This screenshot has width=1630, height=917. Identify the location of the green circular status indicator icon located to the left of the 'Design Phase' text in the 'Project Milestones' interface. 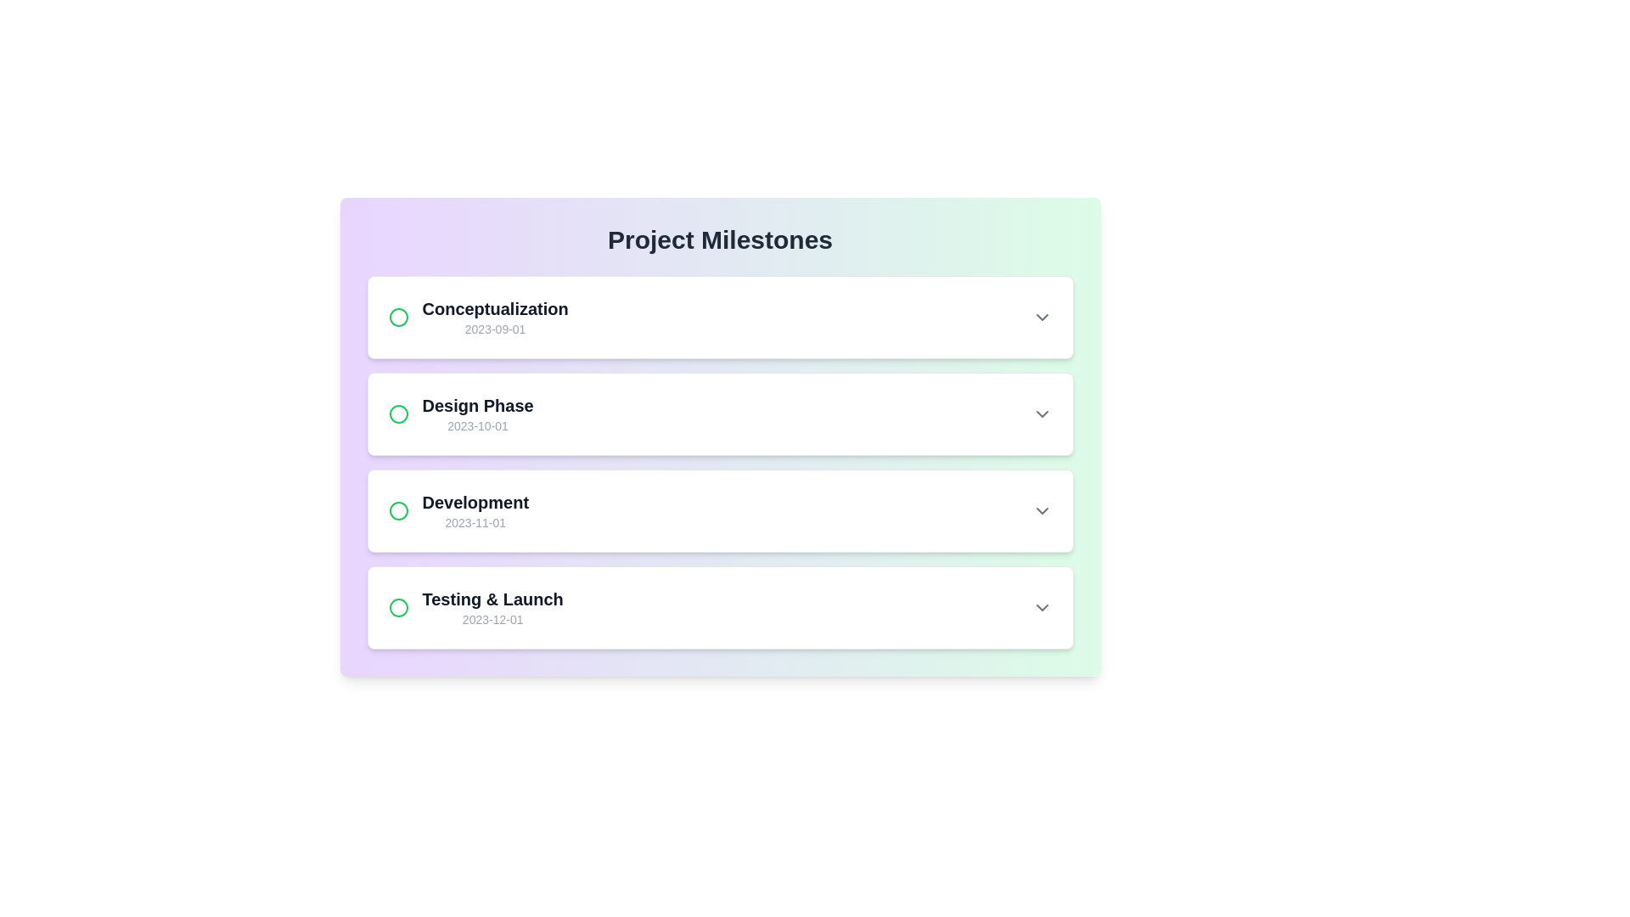
(397, 414).